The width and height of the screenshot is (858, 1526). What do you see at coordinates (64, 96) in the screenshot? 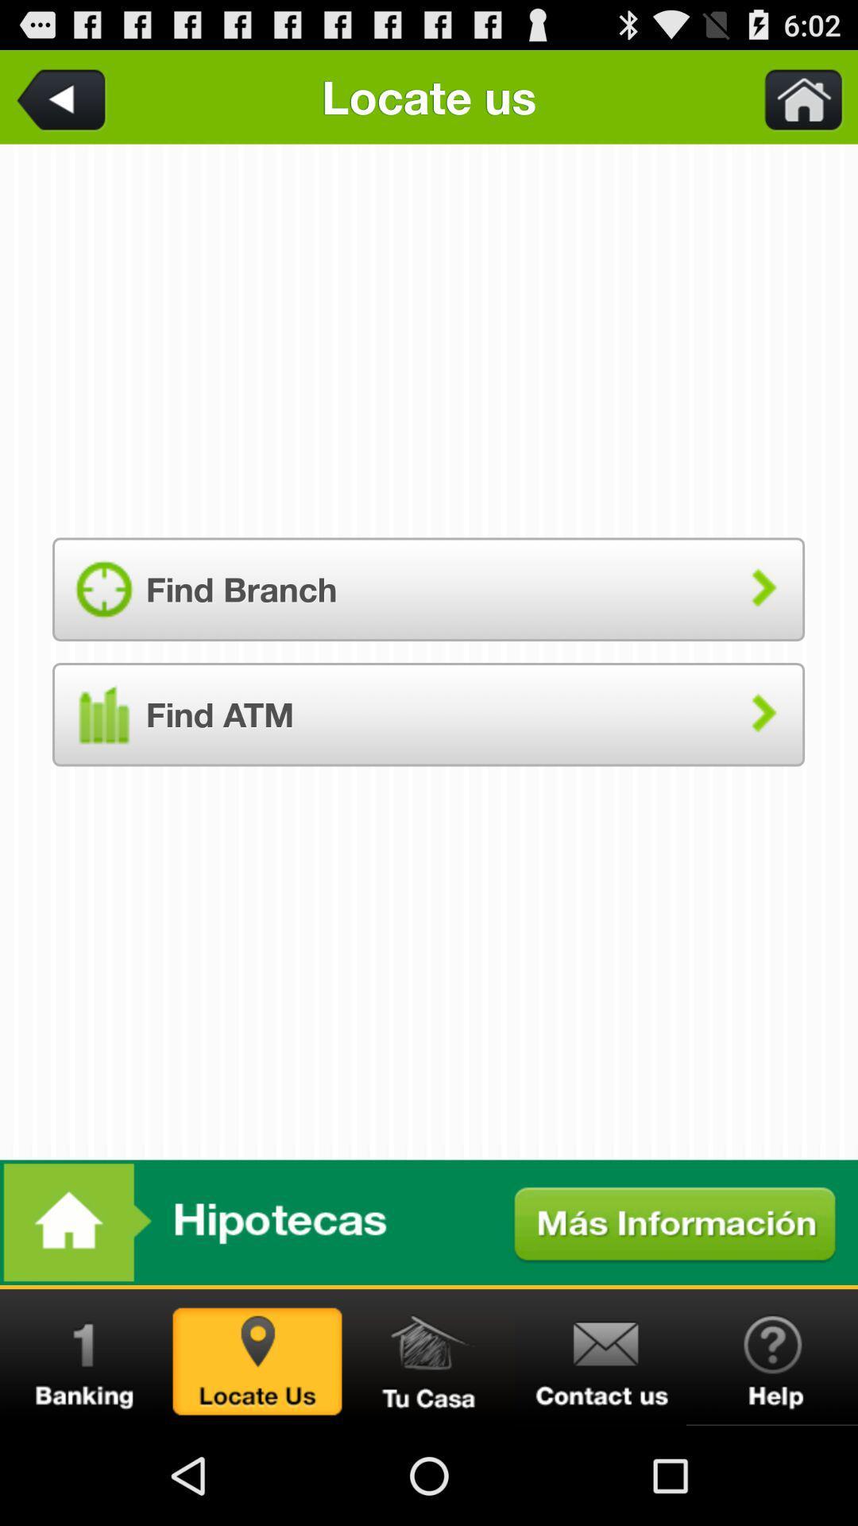
I see `previous screen` at bounding box center [64, 96].